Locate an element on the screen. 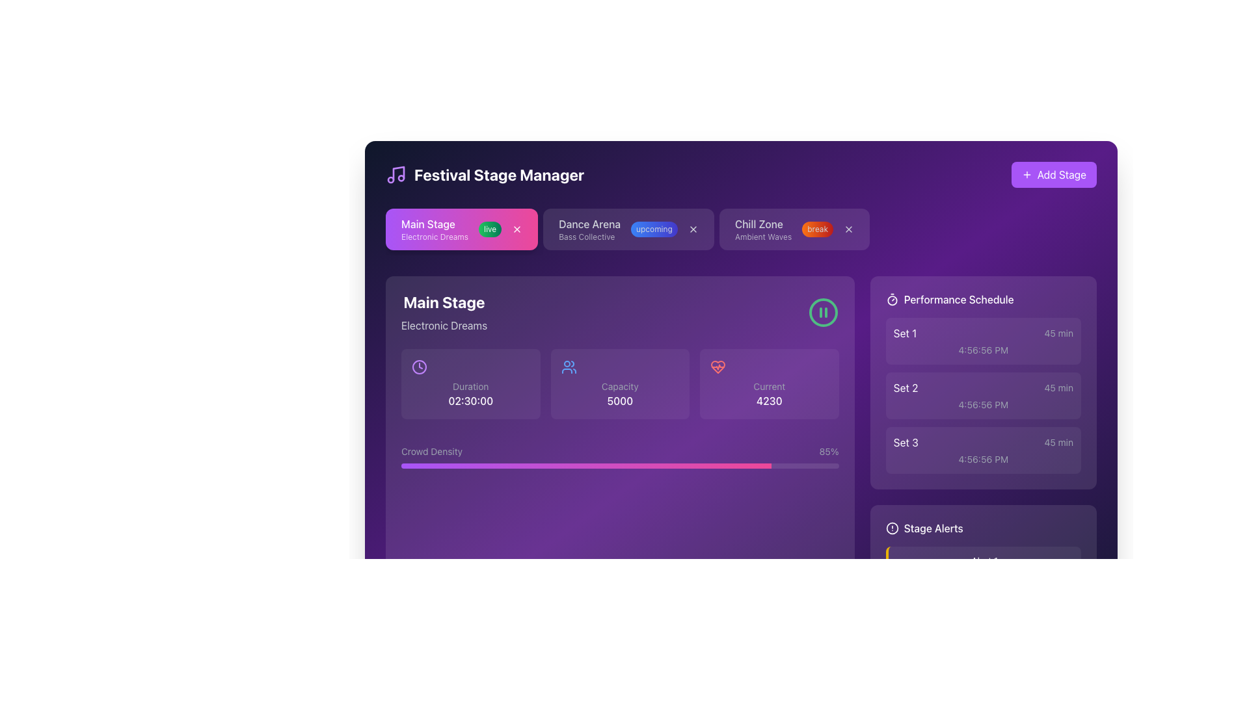 The height and width of the screenshot is (702, 1249). the 'Chill Zone' stage tab, which is the third tab from the left in the row of stage tabs is located at coordinates (763, 229).